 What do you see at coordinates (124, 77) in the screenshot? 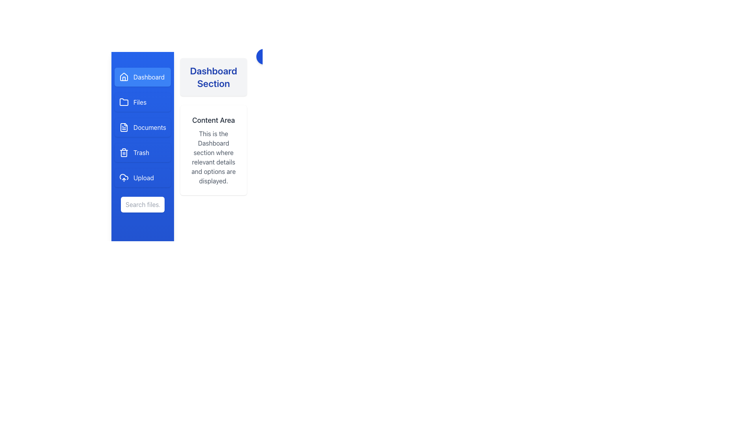
I see `the house-shaped icon located at the top of the vertical list of navigation buttons in the 'Dashboard' button group to trigger any associated hover states` at bounding box center [124, 77].